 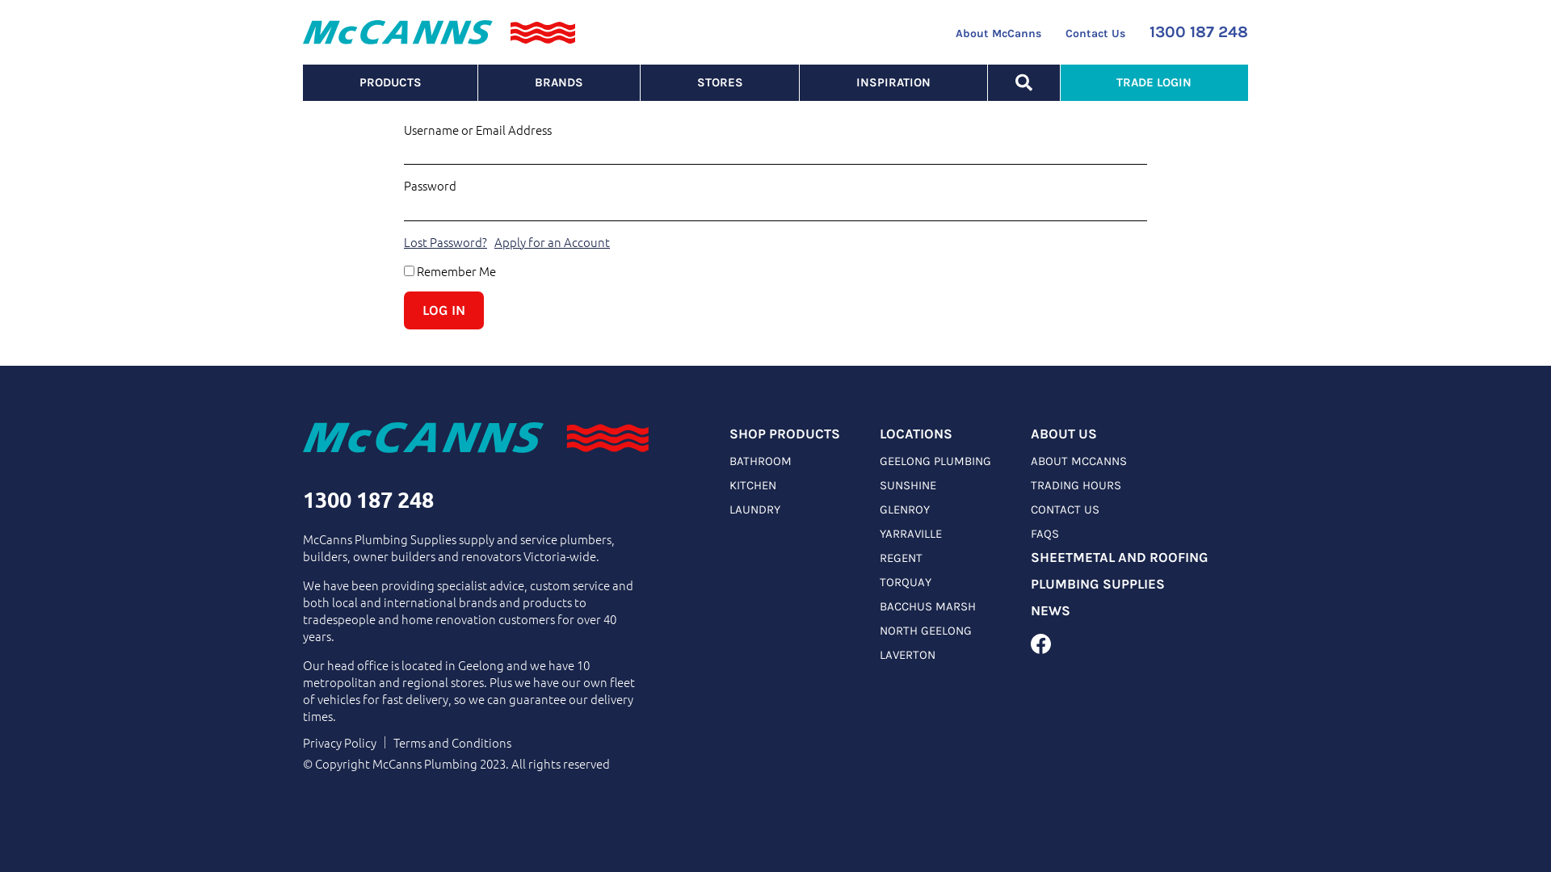 I want to click on 'STORES', so click(x=639, y=82).